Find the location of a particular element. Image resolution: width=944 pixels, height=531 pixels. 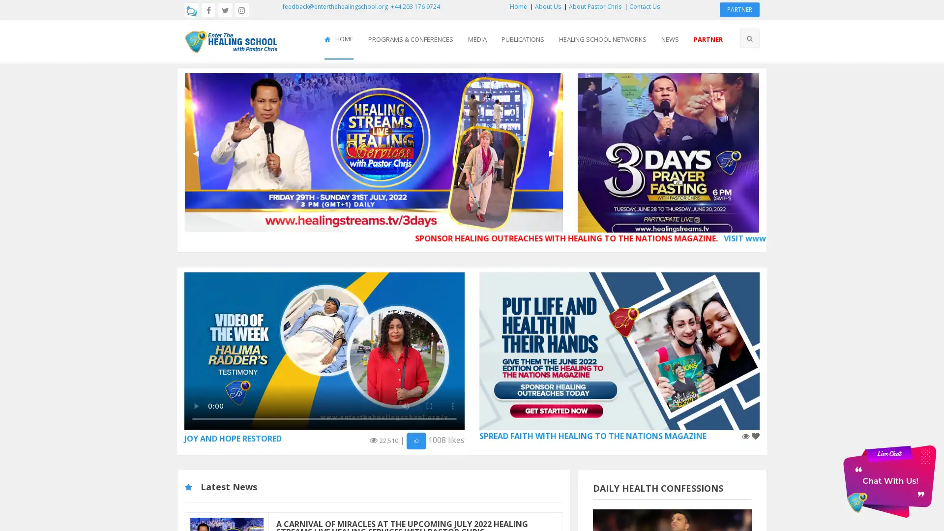

play is located at coordinates (196, 406).